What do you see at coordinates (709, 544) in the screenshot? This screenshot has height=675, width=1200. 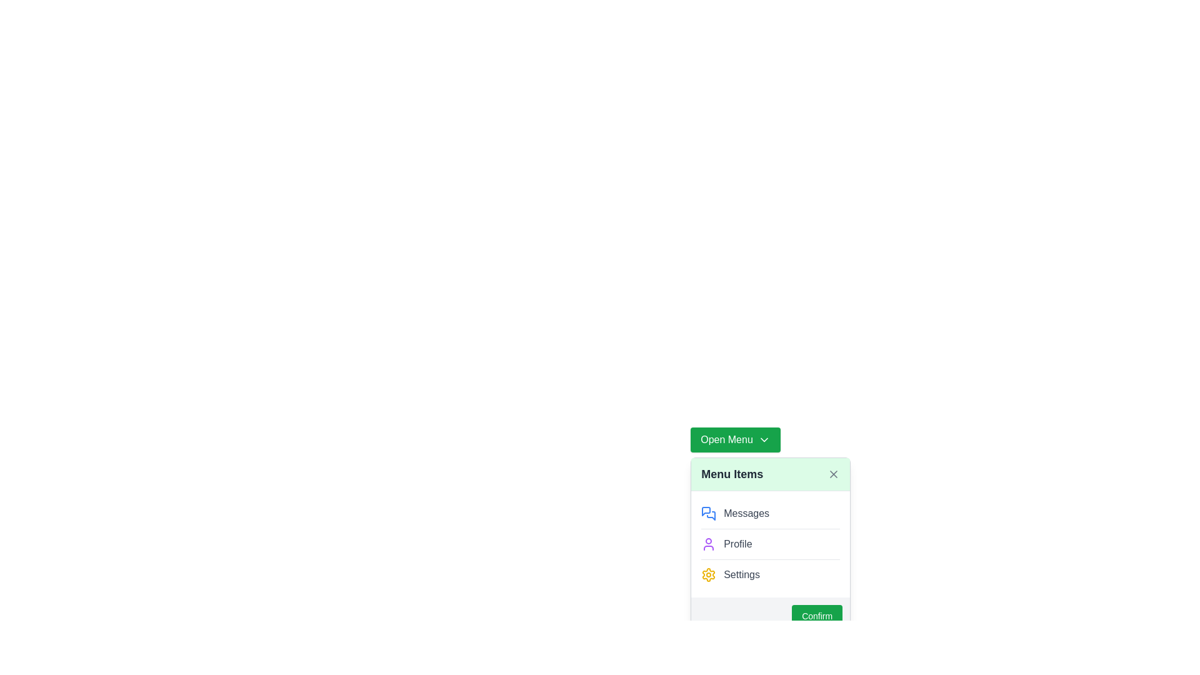 I see `the user icon with a purple outline located next to the 'Profile' text in the 'Menu Items' section` at bounding box center [709, 544].